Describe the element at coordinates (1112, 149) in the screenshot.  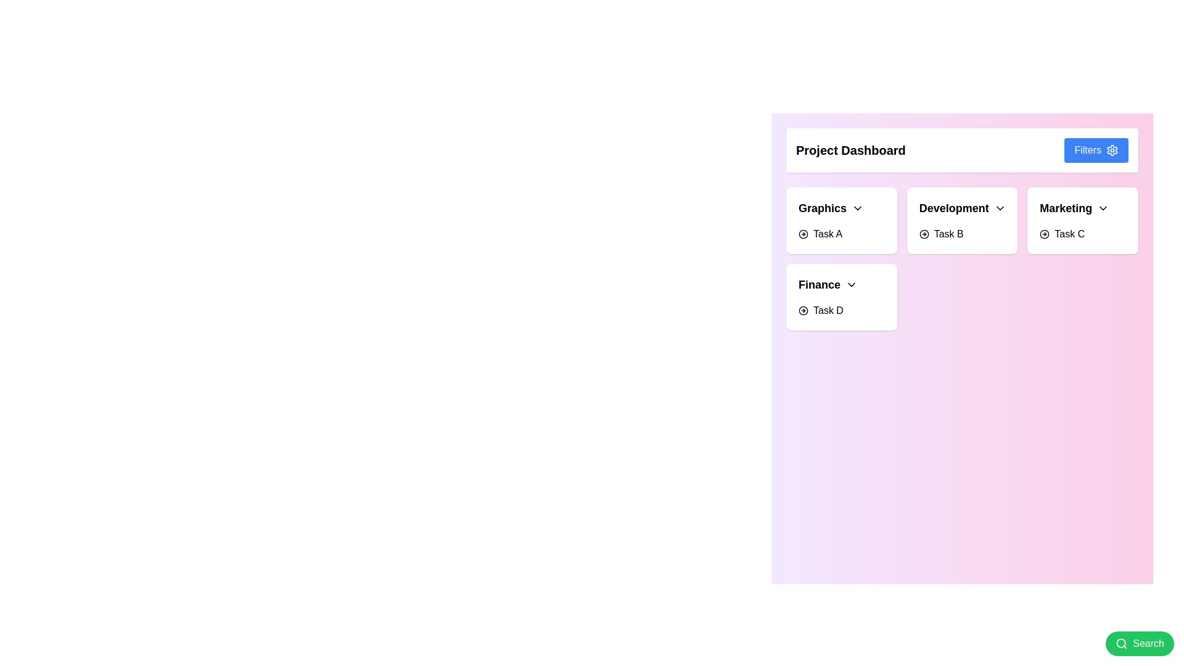
I see `the settings icon located in the top right corner of the 'Filters' button in the Project Dashboard interface` at that location.